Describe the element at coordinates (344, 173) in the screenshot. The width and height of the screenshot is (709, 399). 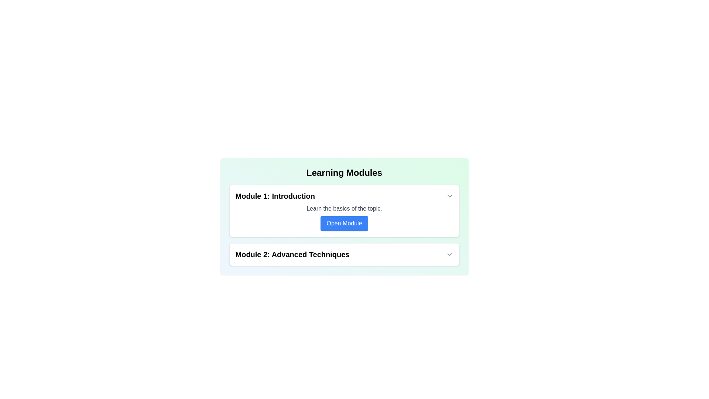
I see `the header text element that summarizes the content area as 'Learning Modules', which is positioned at the top of its section` at that location.